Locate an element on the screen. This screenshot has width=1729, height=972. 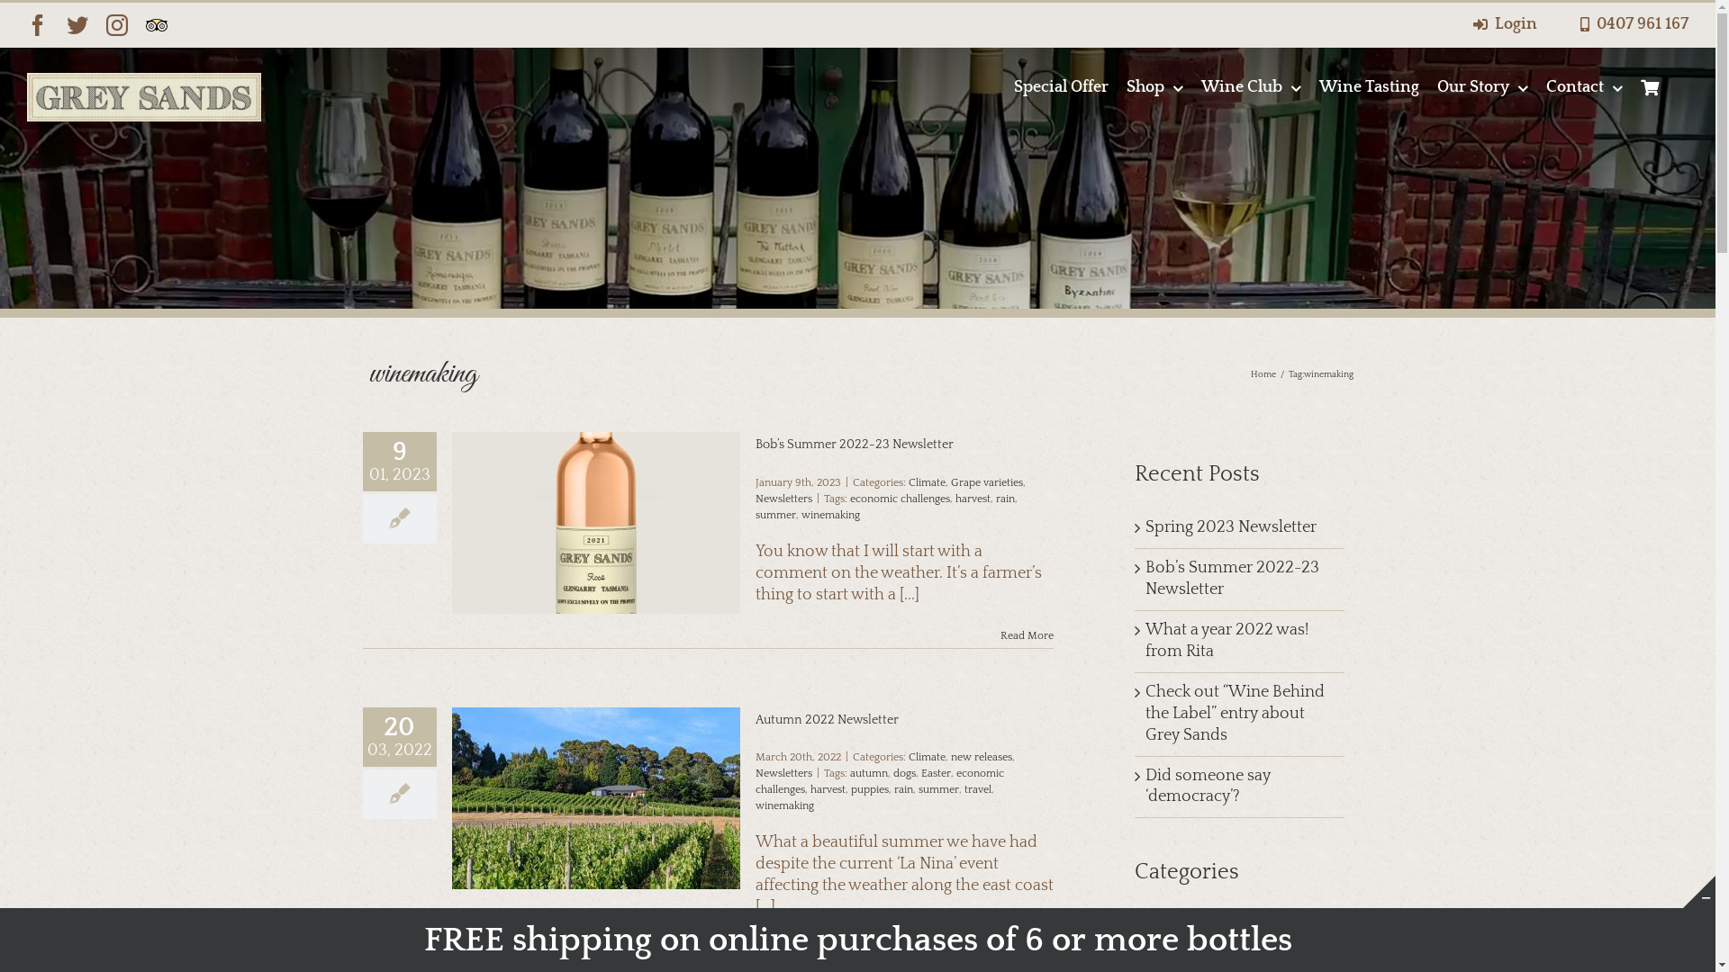
'harvest' is located at coordinates (810, 788).